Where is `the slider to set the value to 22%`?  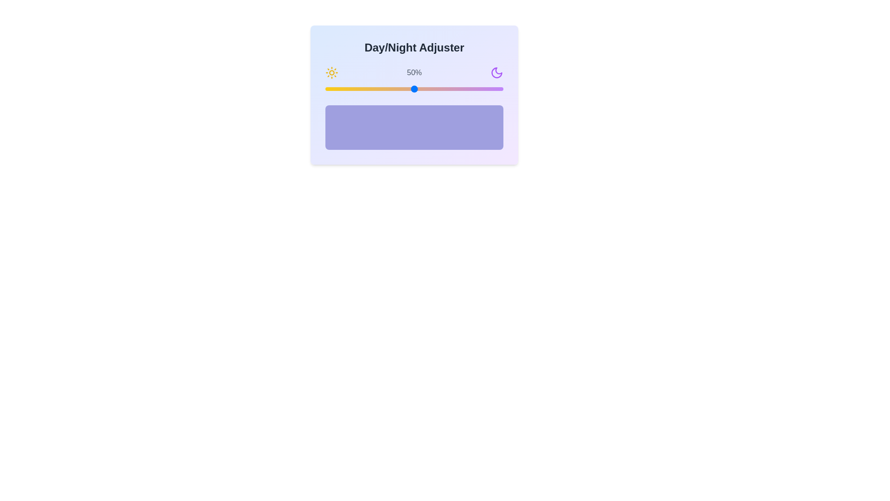 the slider to set the value to 22% is located at coordinates (364, 89).